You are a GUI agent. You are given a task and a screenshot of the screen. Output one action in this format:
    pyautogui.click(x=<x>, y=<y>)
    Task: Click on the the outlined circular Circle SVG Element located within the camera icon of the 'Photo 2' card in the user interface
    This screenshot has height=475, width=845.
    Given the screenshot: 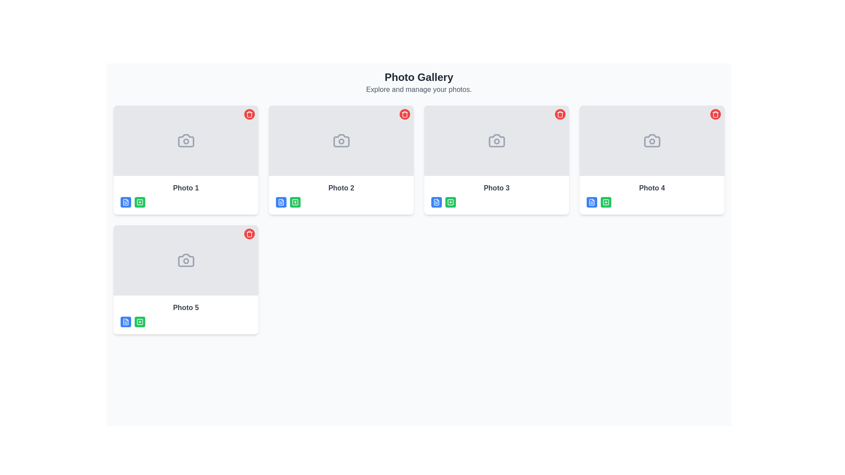 What is the action you would take?
    pyautogui.click(x=341, y=141)
    